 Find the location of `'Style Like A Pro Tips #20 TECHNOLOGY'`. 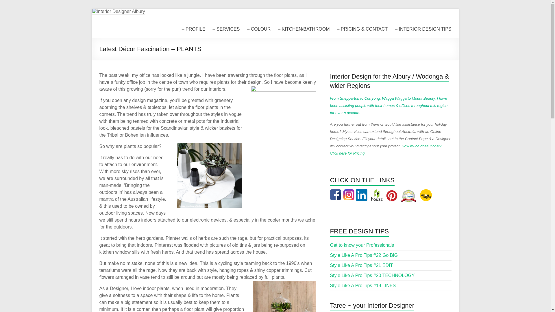

'Style Like A Pro Tips #20 TECHNOLOGY' is located at coordinates (372, 275).